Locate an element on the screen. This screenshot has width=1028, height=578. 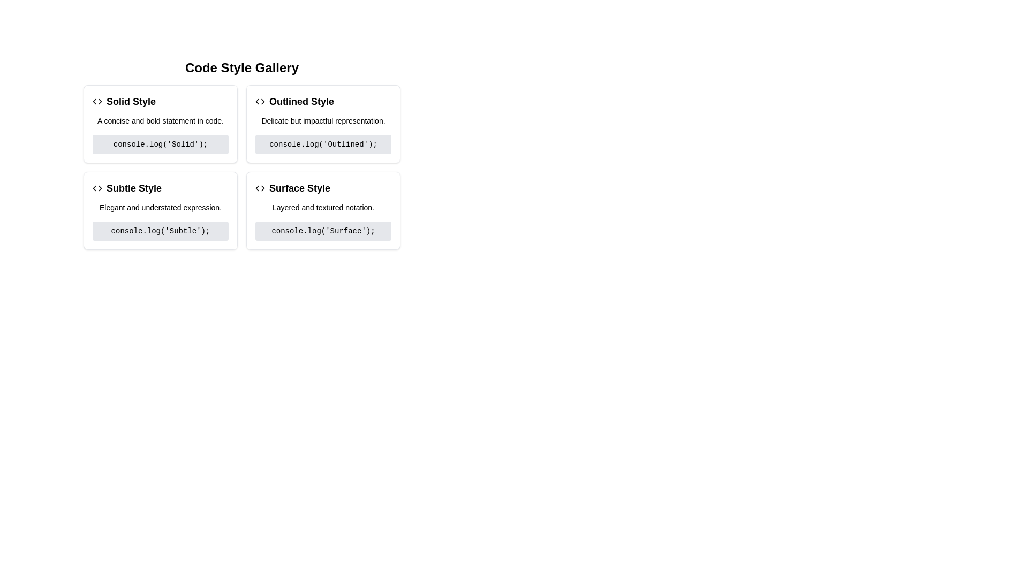
the 'Surface Style' text label with the accompanying icon, which is styled minimally and located in the second row, third column of a 2x2 grid layout is located at coordinates (323, 187).